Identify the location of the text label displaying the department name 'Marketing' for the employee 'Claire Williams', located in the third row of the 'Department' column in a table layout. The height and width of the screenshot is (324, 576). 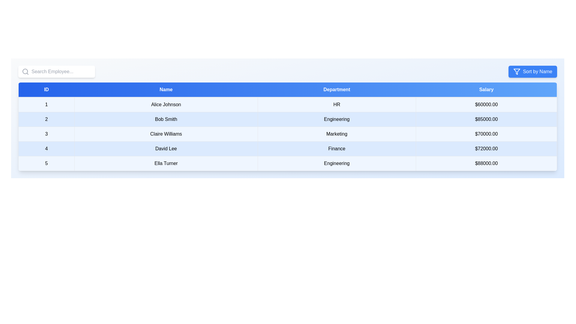
(337, 134).